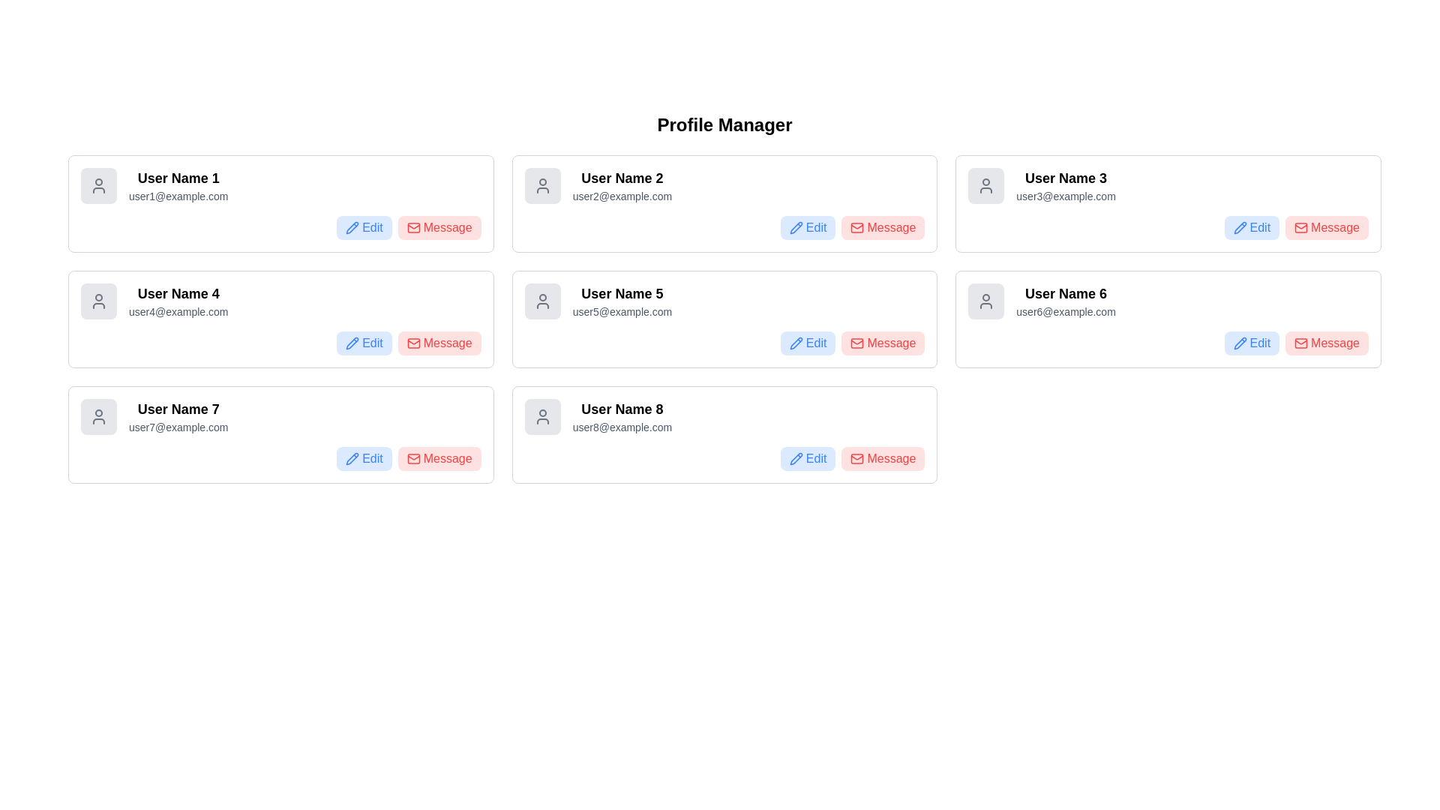 The image size is (1440, 810). I want to click on the 'Edit' text label displayed in blue font, located within the 'Edit' button of the profile card for 'User Name 6', so click(1260, 343).